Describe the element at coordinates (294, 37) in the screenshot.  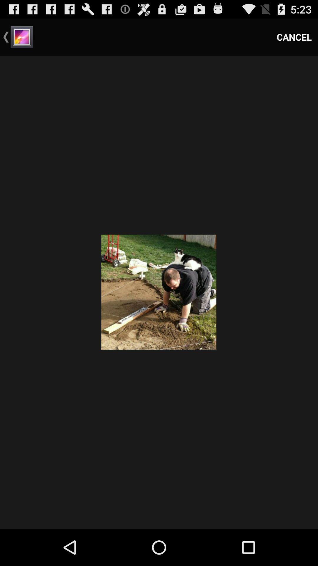
I see `the cancel item` at that location.